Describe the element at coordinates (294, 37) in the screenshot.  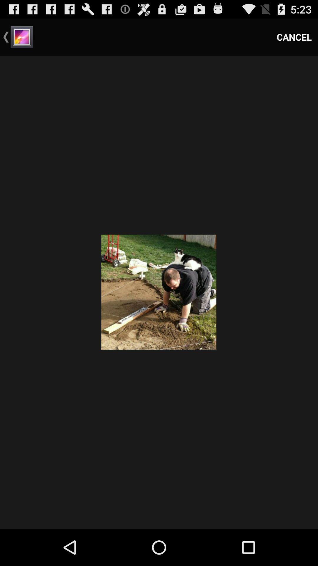
I see `the cancel item` at that location.